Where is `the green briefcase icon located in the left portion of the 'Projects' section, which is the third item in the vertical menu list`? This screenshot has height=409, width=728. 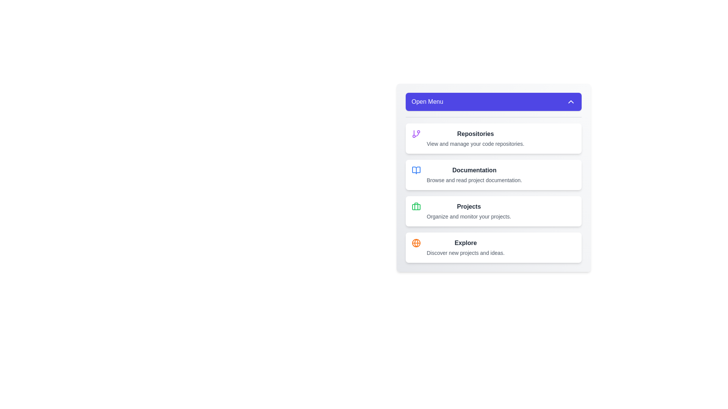 the green briefcase icon located in the left portion of the 'Projects' section, which is the third item in the vertical menu list is located at coordinates (416, 207).